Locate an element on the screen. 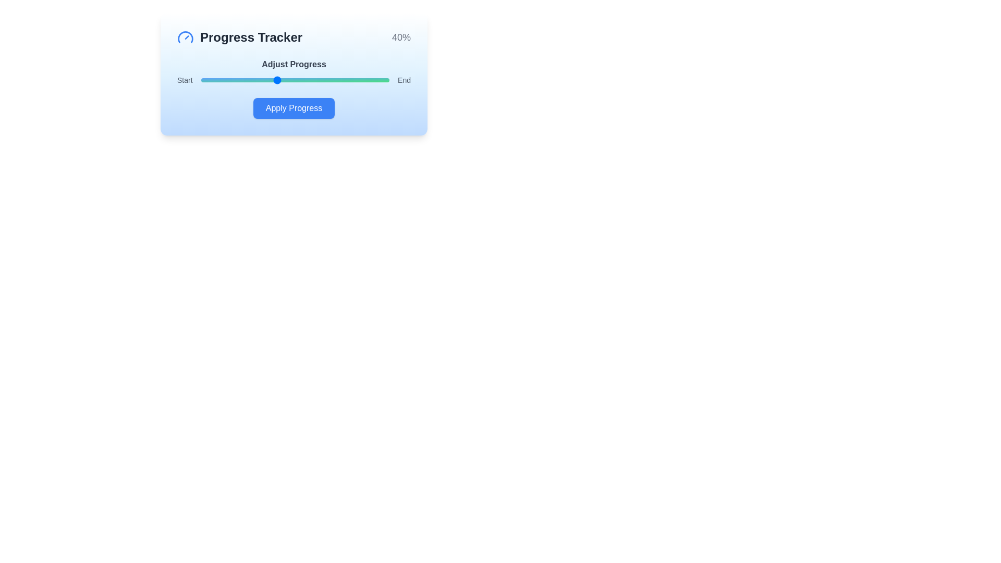 The width and height of the screenshot is (1001, 563). the progress slider to 55% is located at coordinates (304, 80).